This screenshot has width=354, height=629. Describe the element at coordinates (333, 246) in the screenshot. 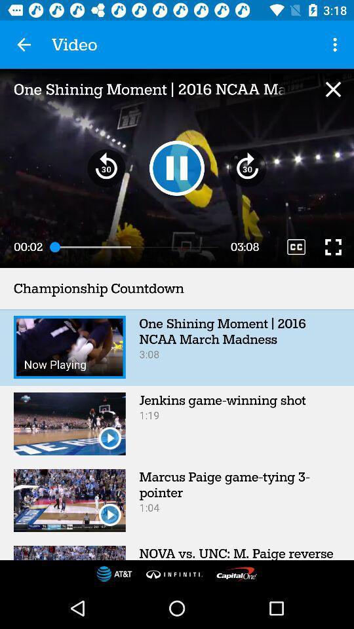

I see `full screen` at that location.